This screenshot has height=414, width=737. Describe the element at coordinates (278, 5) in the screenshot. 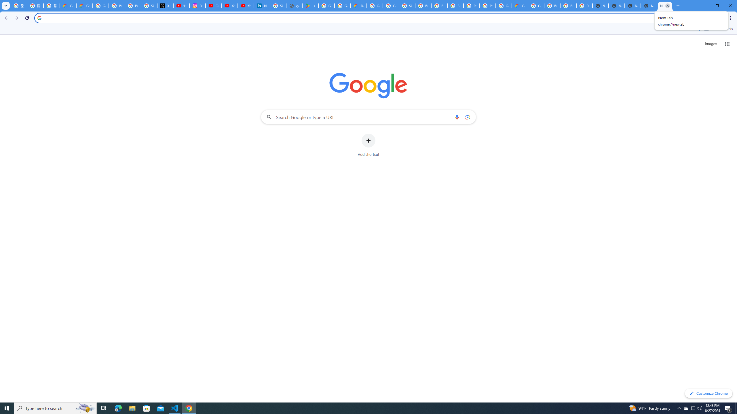

I see `'Sign in - Google Accounts'` at that location.